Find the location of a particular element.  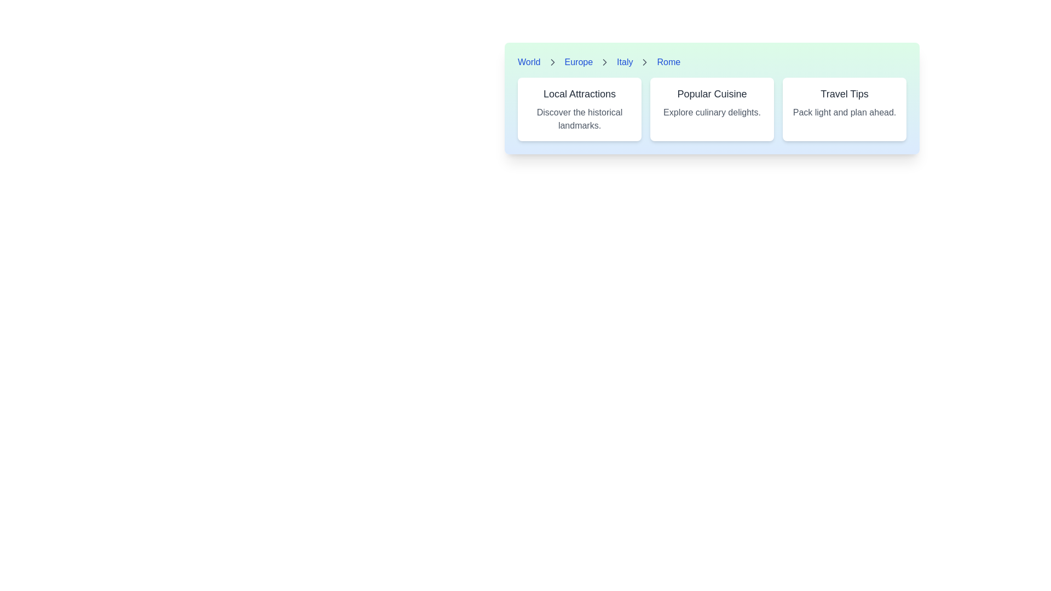

the header text element located in the top-center region of the interface, which introduces content related to local attractions is located at coordinates (579, 94).